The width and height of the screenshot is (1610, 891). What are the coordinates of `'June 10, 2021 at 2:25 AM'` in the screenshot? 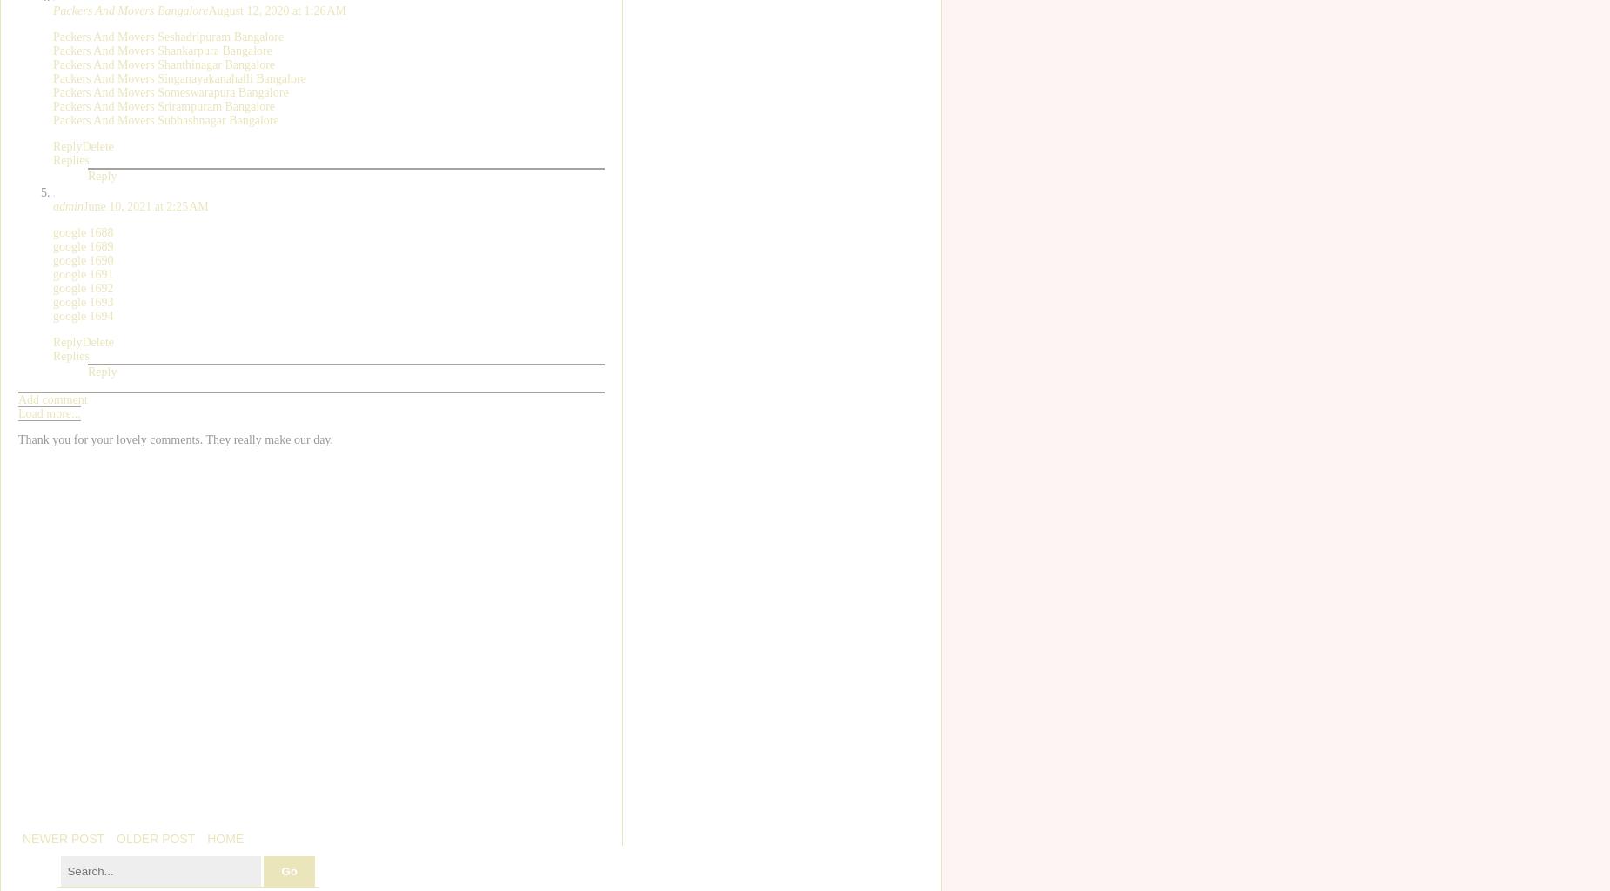 It's located at (83, 204).